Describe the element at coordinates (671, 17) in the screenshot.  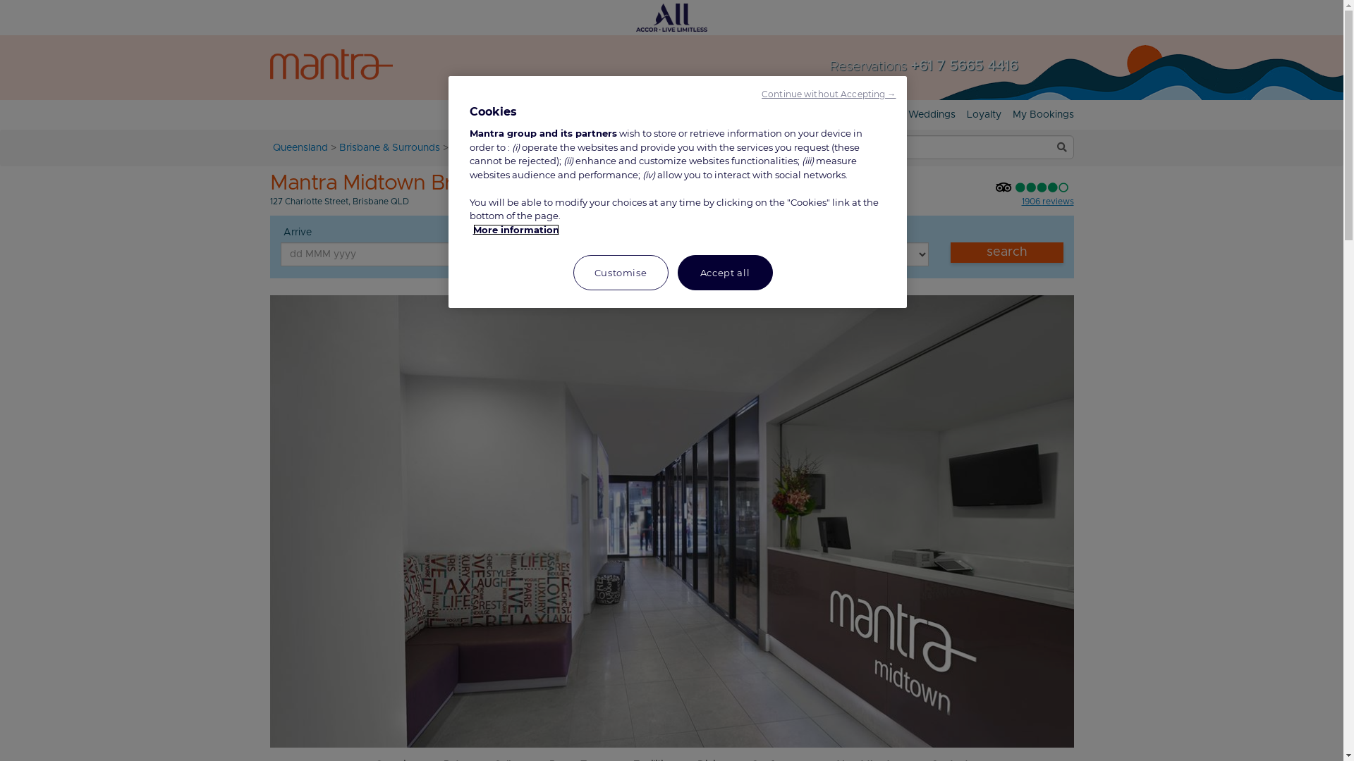
I see `'All'` at that location.